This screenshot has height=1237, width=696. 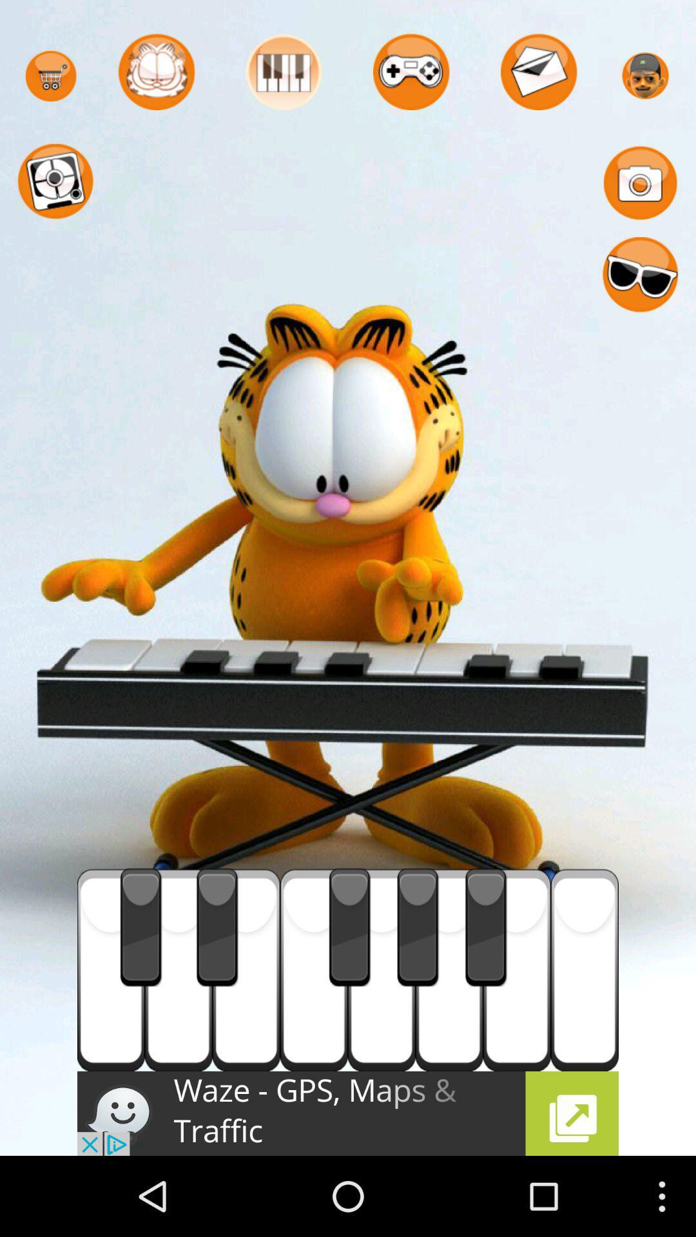 I want to click on the 6th note in the piano, so click(x=449, y=970).